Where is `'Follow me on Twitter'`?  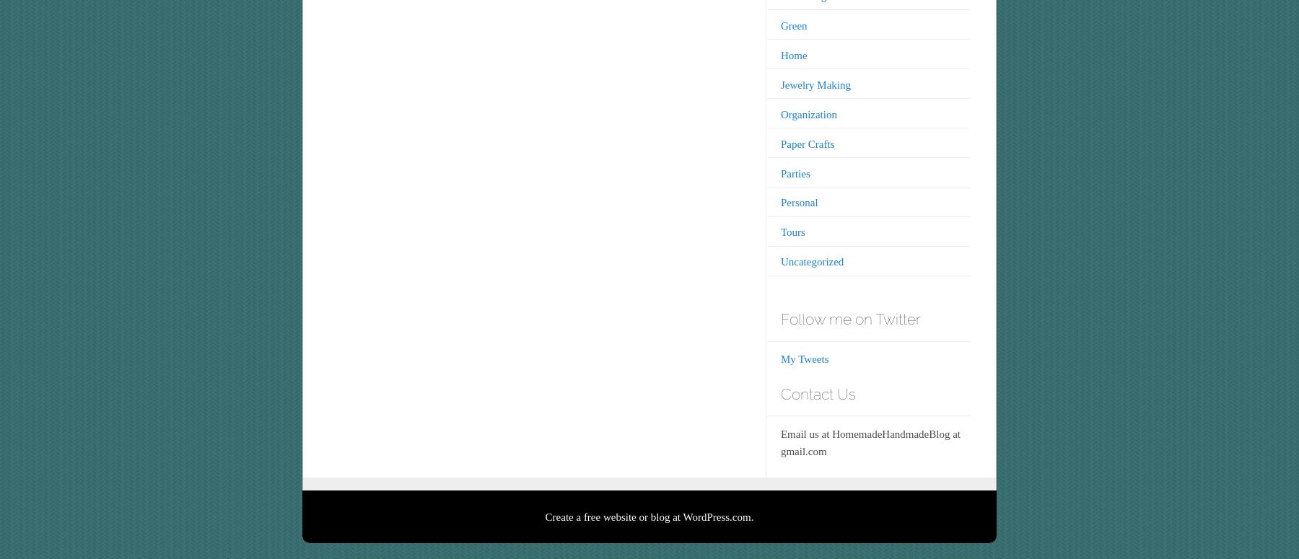
'Follow me on Twitter' is located at coordinates (849, 319).